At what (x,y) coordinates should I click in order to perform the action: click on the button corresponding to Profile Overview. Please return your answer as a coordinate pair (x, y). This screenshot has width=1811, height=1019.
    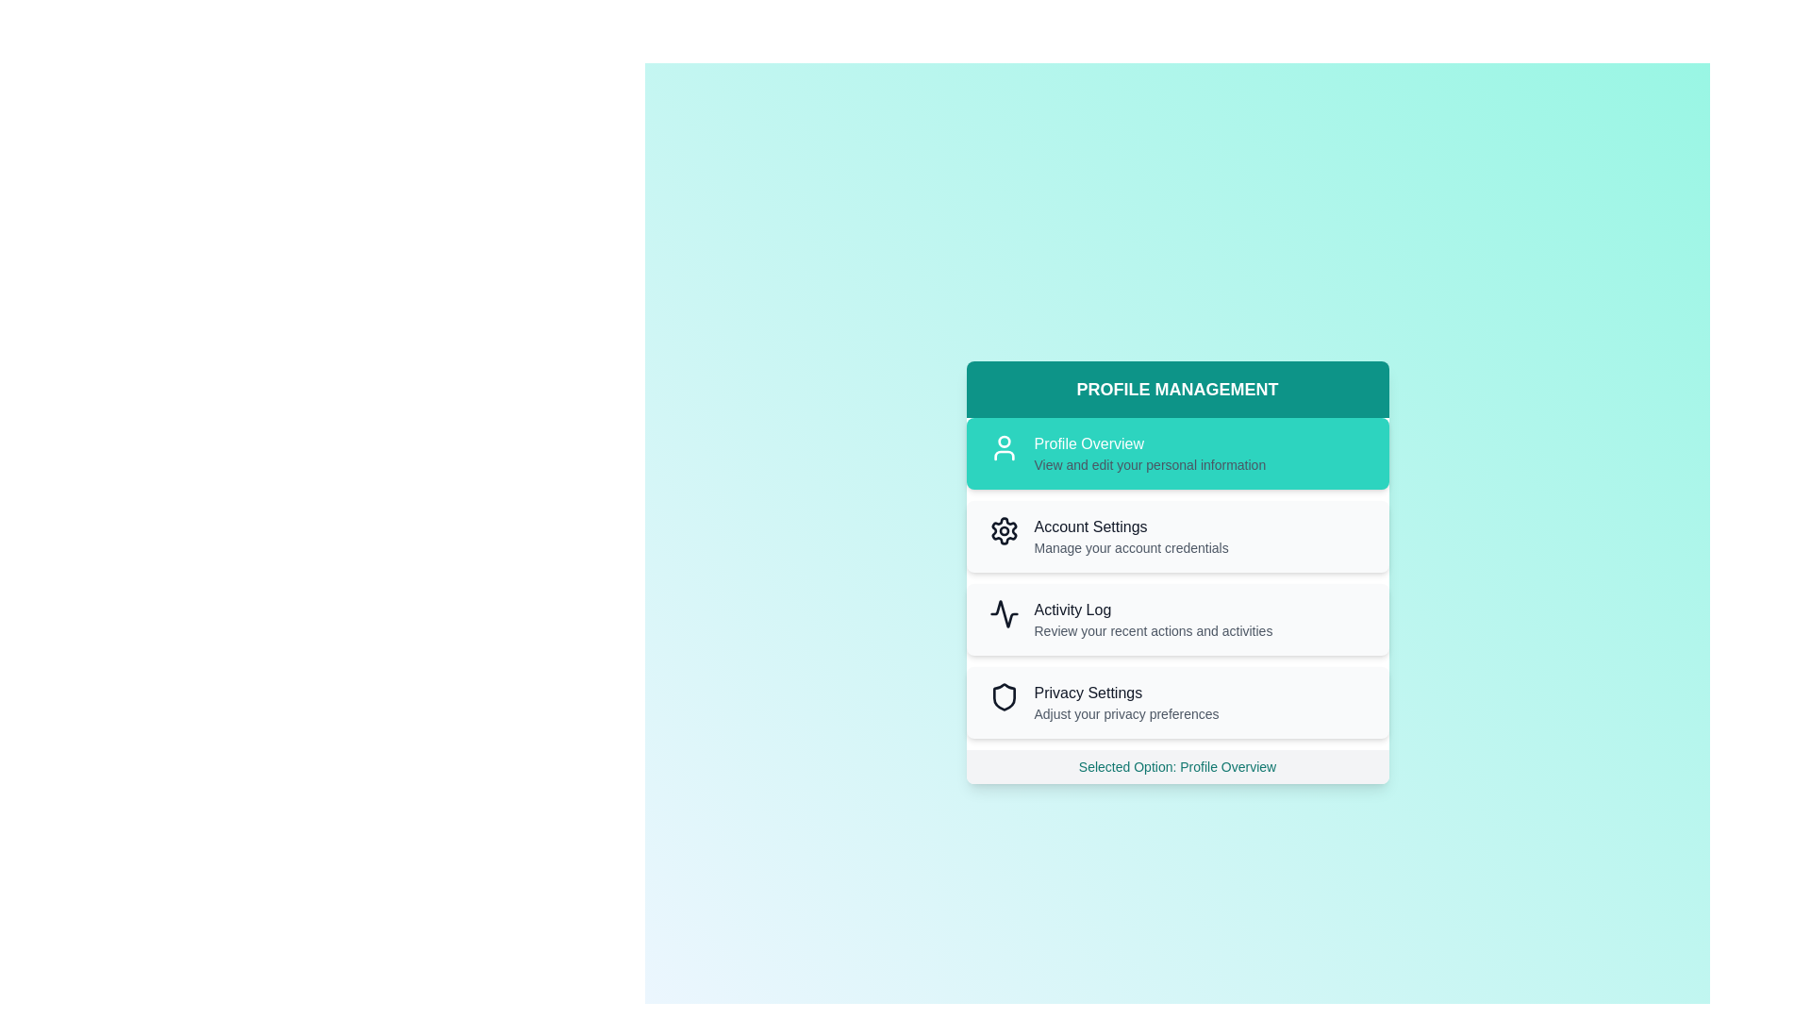
    Looking at the image, I should click on (1176, 454).